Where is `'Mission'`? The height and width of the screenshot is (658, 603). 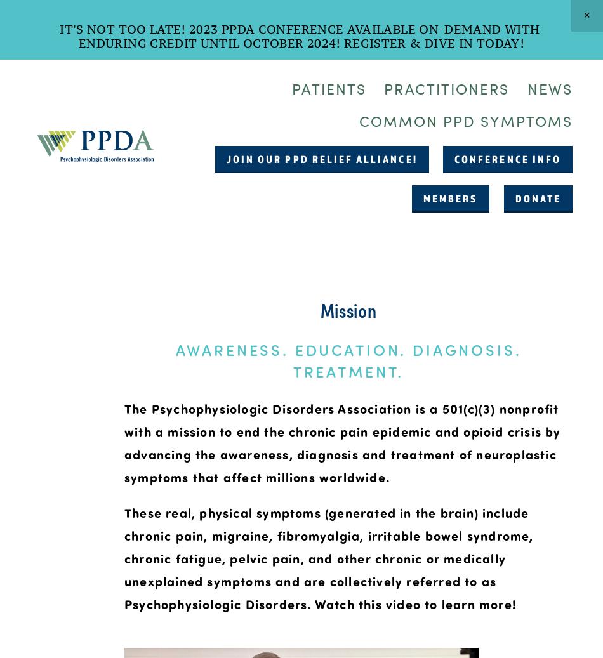
'Mission' is located at coordinates (319, 308).